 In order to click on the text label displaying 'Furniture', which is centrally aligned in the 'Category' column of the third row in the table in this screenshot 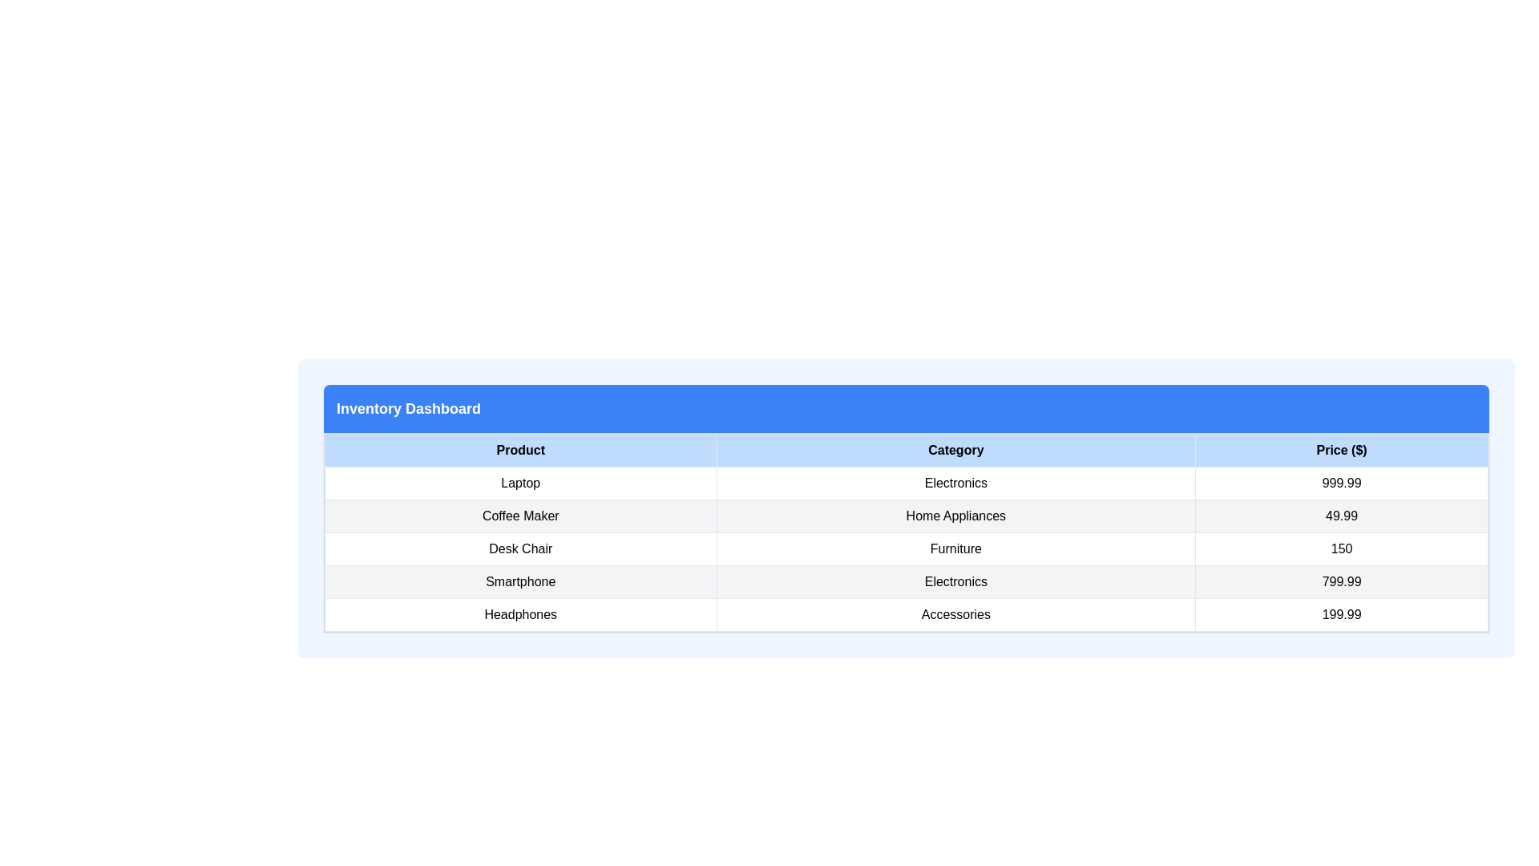, I will do `click(955, 548)`.